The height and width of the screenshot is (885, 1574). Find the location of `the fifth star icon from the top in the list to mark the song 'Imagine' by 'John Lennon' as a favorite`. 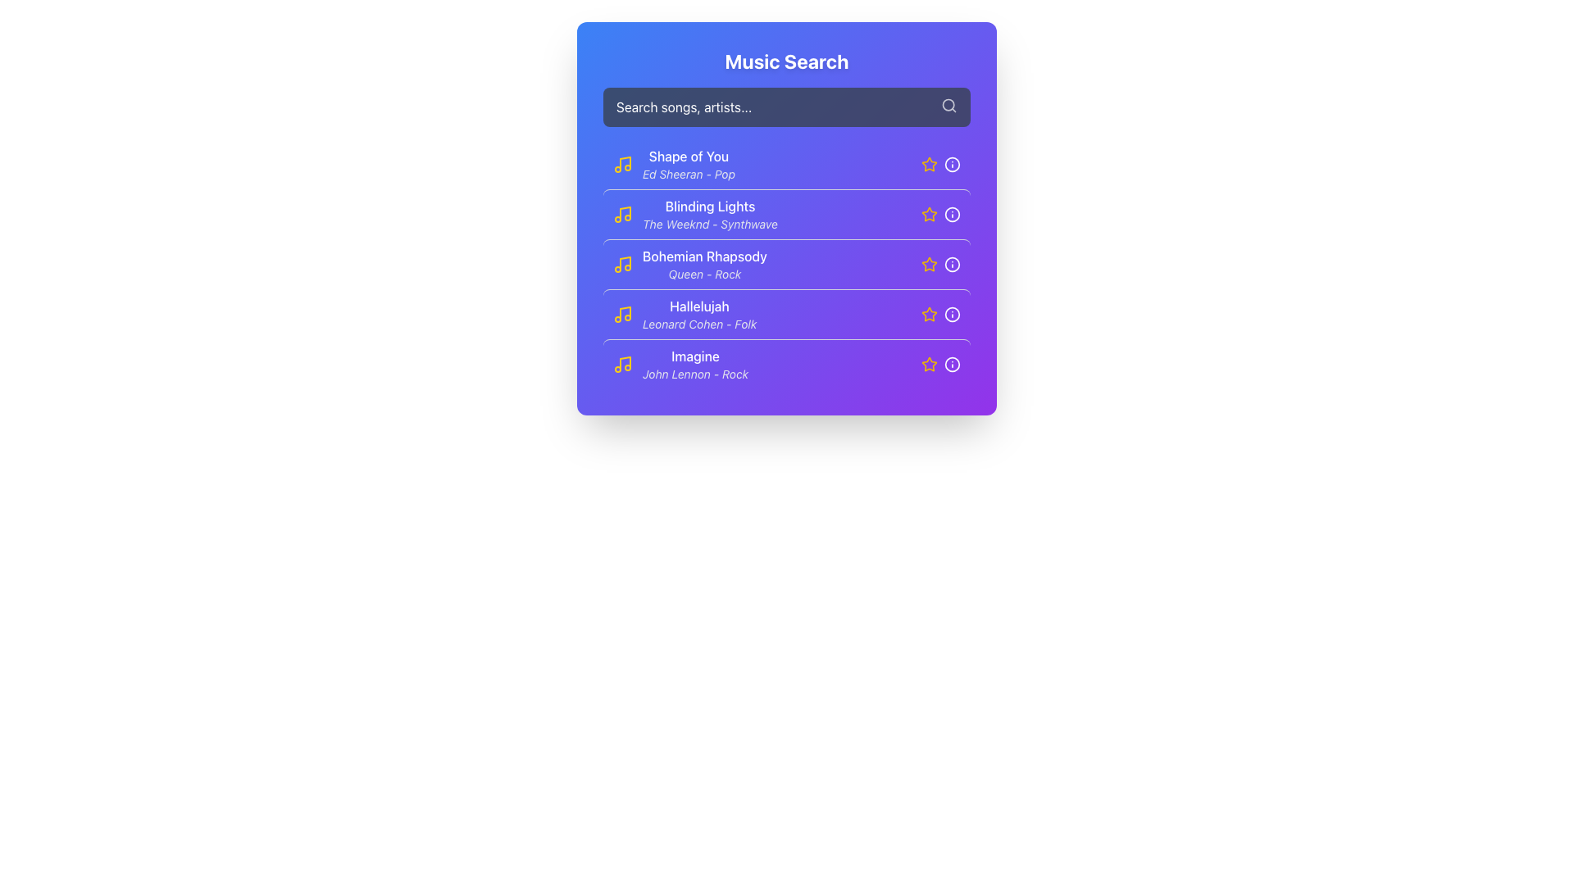

the fifth star icon from the top in the list to mark the song 'Imagine' by 'John Lennon' as a favorite is located at coordinates (928, 362).